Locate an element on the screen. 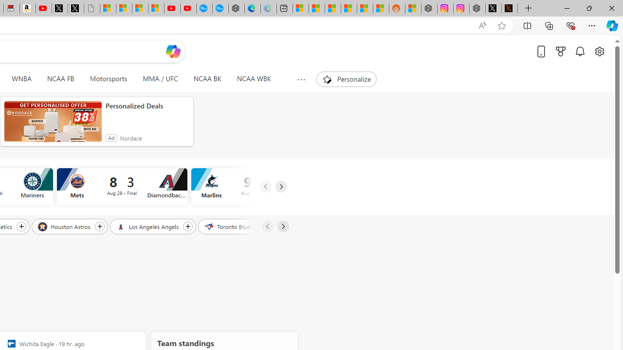 The height and width of the screenshot is (350, 623). 'Motorsports' is located at coordinates (108, 79).